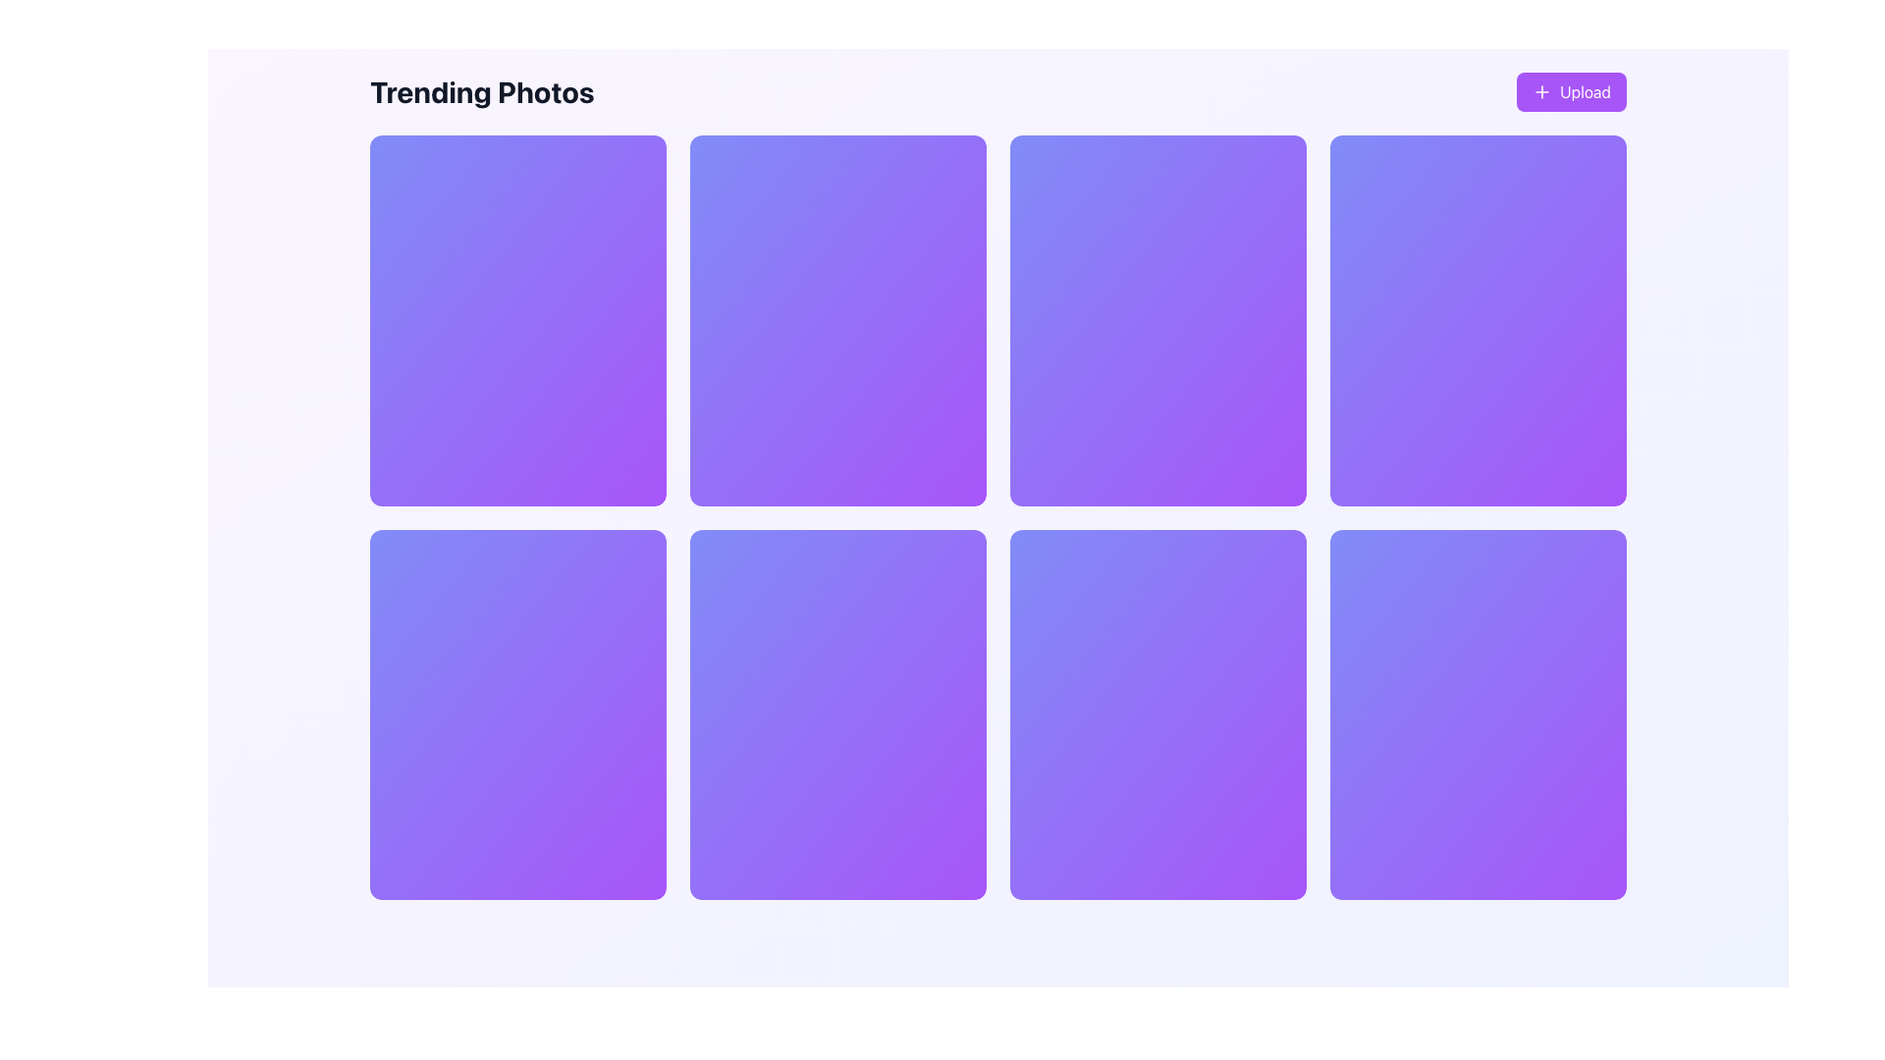 The height and width of the screenshot is (1060, 1885). I want to click on the circular SVG graphic element that is part of the info symbol located at the center of the grid card in the second row and second column, so click(955, 560).